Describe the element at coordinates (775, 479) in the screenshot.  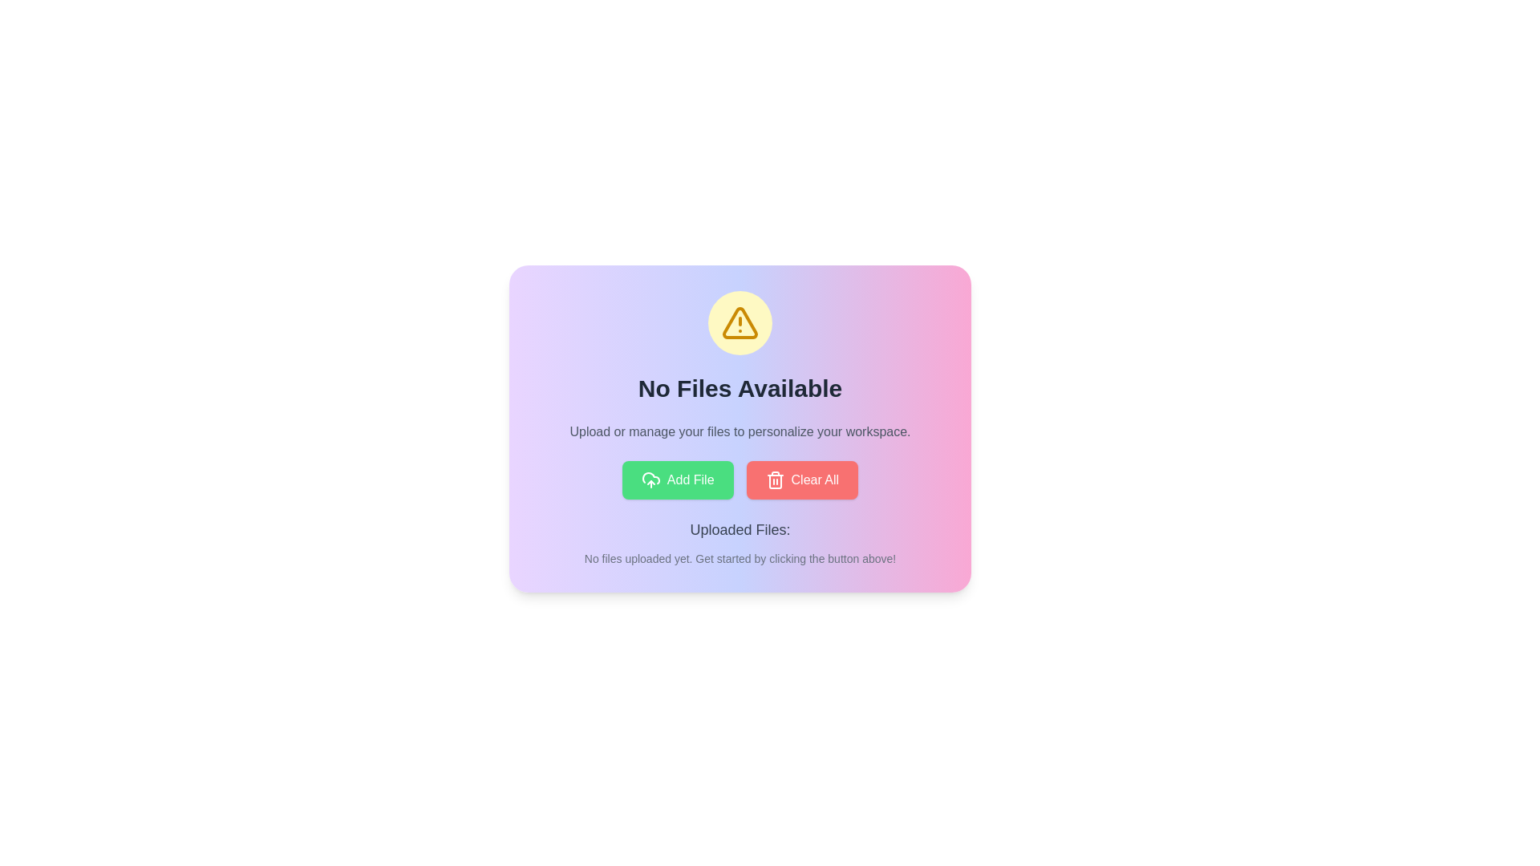
I see `the appearance of the red trash icon, which is a minimalistic line drawing styled as a rectangular trash bin with a handle, located on the left side of the red 'Clear All' button` at that location.